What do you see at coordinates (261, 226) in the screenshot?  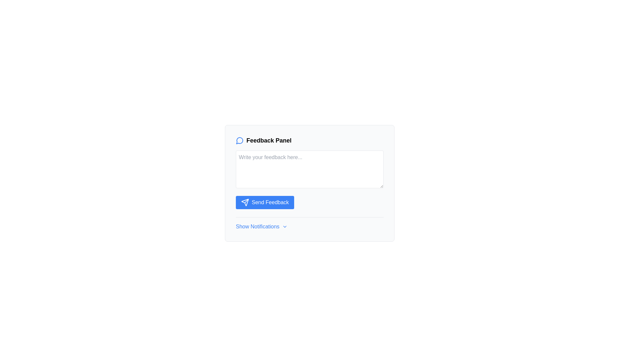 I see `the blue, underlined text 'Show Notifications' with a downward chevron icon` at bounding box center [261, 226].